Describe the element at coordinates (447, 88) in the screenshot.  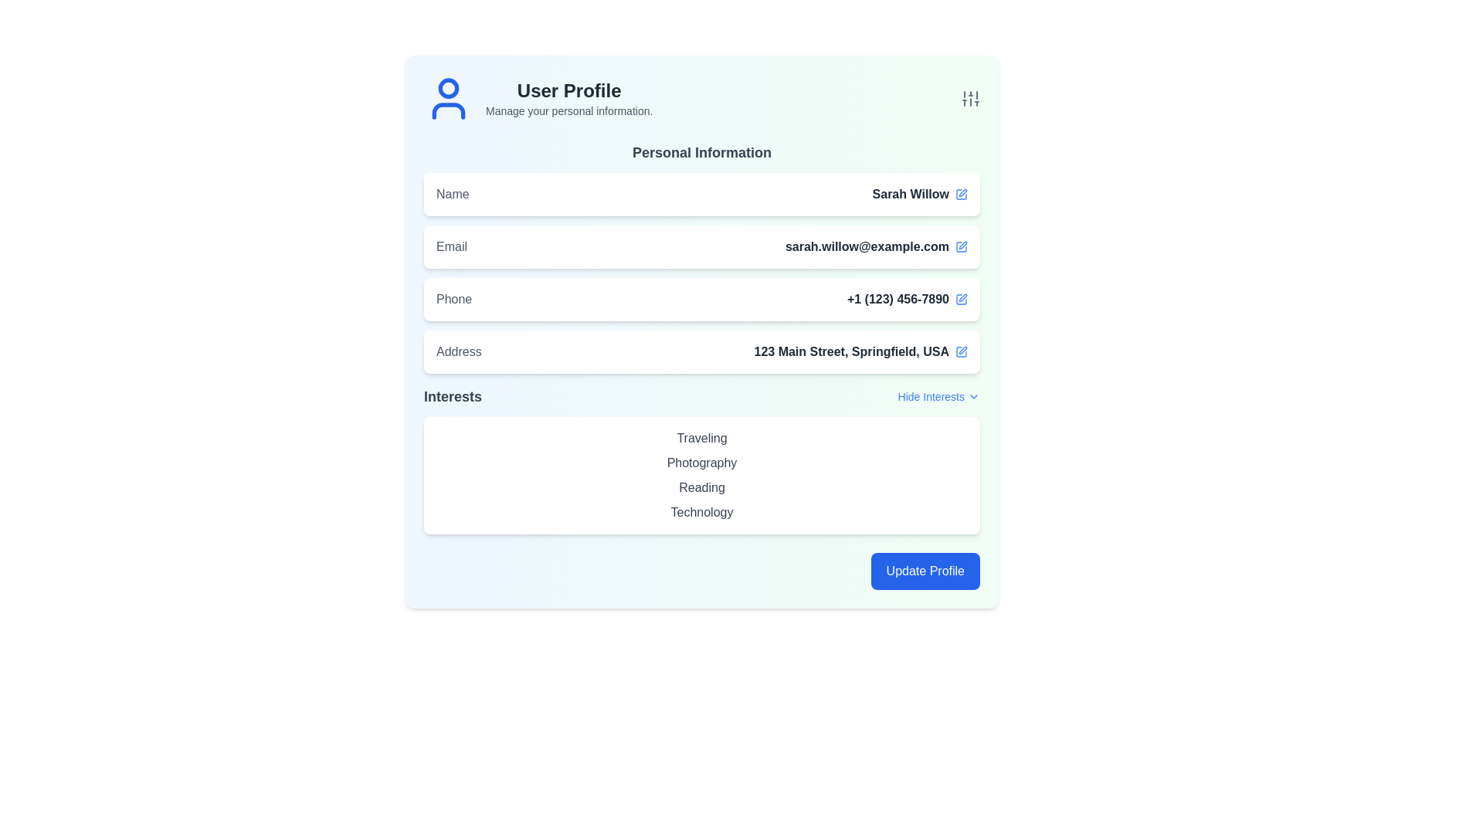
I see `the decorative circular graphical element that resembles a user profile picture, located next to the 'User Profile' title` at that location.